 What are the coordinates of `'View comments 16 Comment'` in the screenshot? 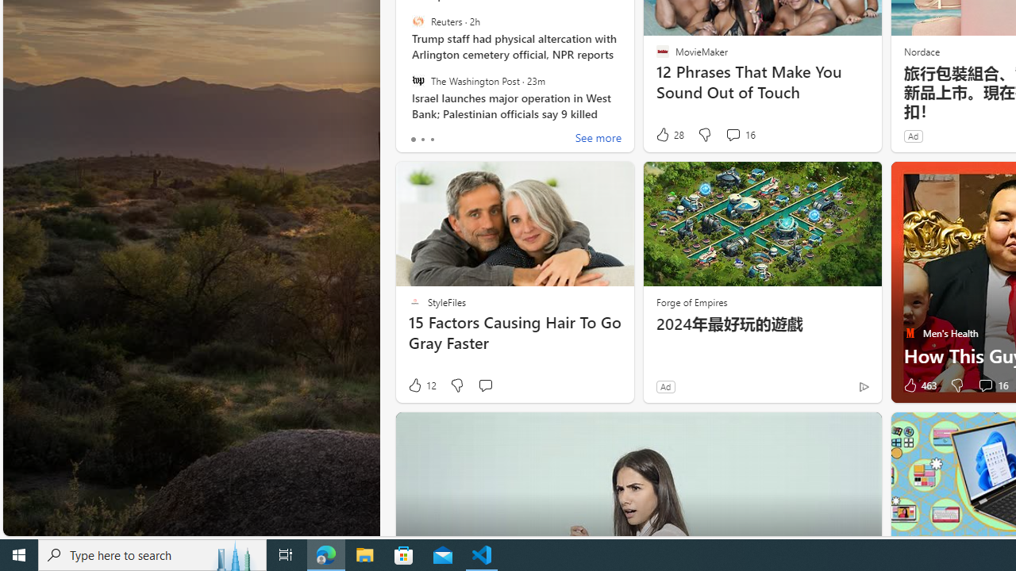 It's located at (991, 385).